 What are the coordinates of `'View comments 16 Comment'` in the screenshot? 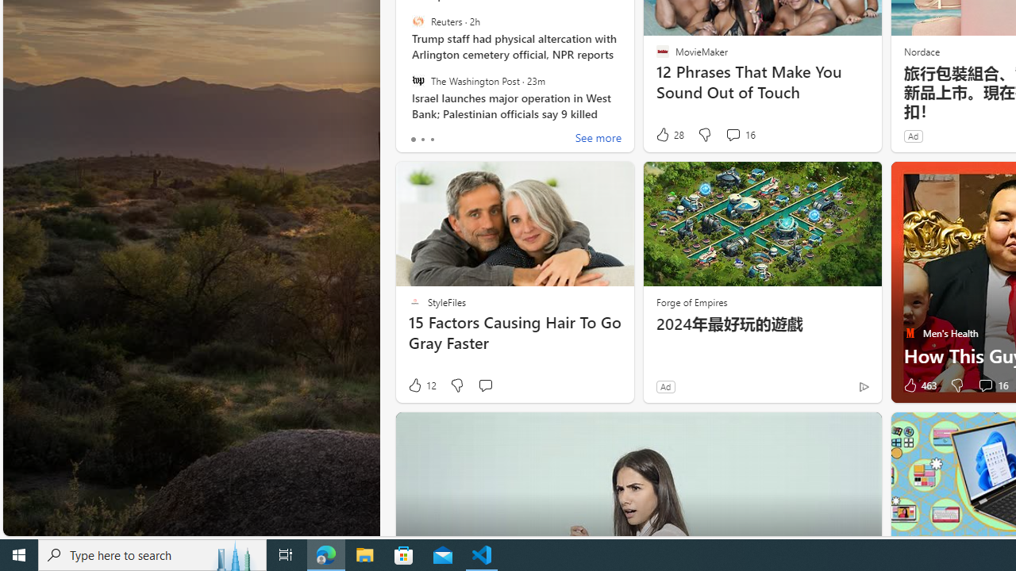 It's located at (991, 385).